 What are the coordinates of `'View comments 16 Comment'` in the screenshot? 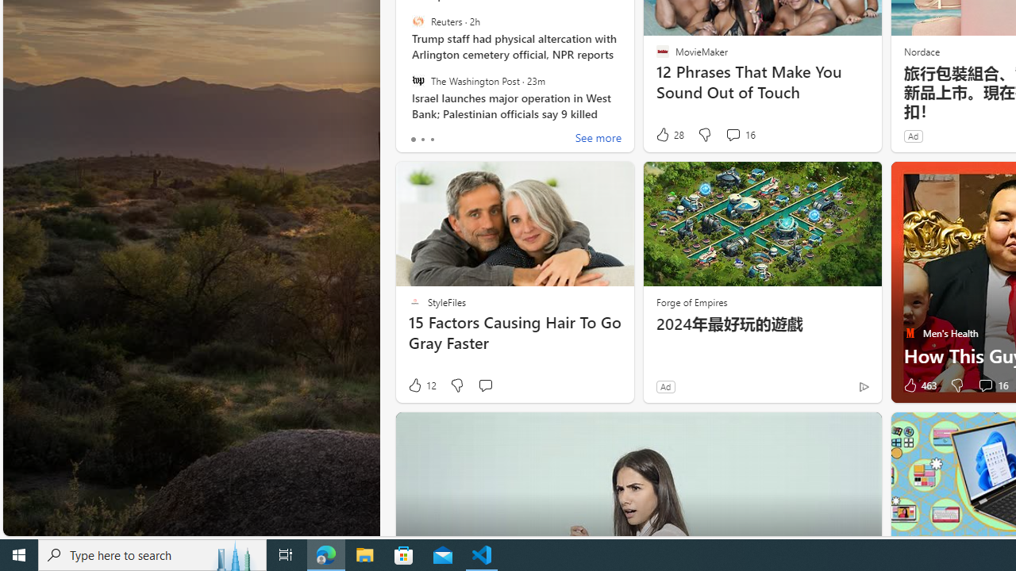 It's located at (991, 385).